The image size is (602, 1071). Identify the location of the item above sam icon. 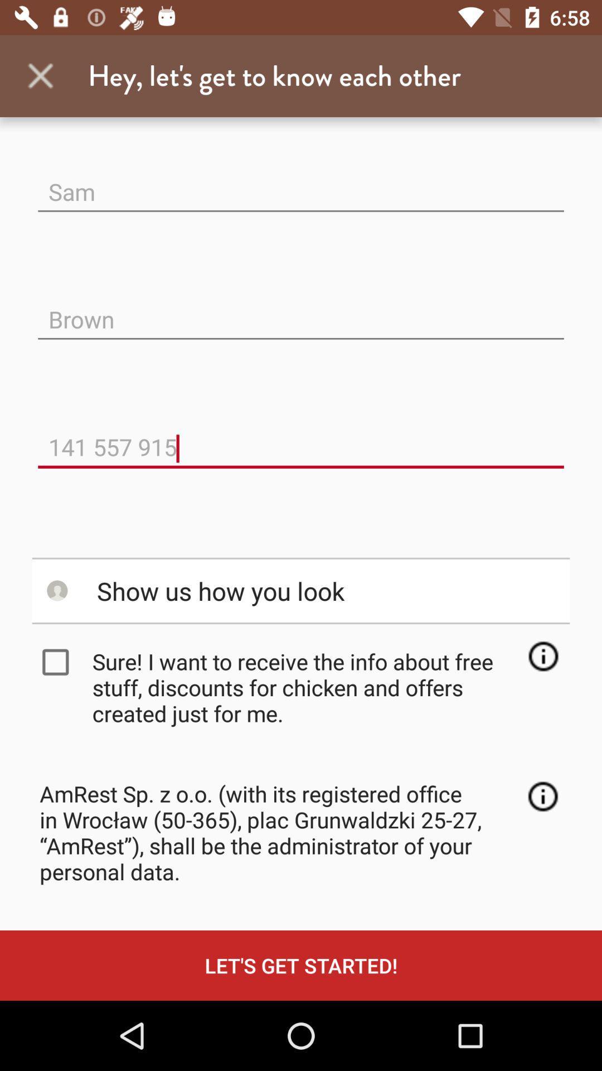
(40, 75).